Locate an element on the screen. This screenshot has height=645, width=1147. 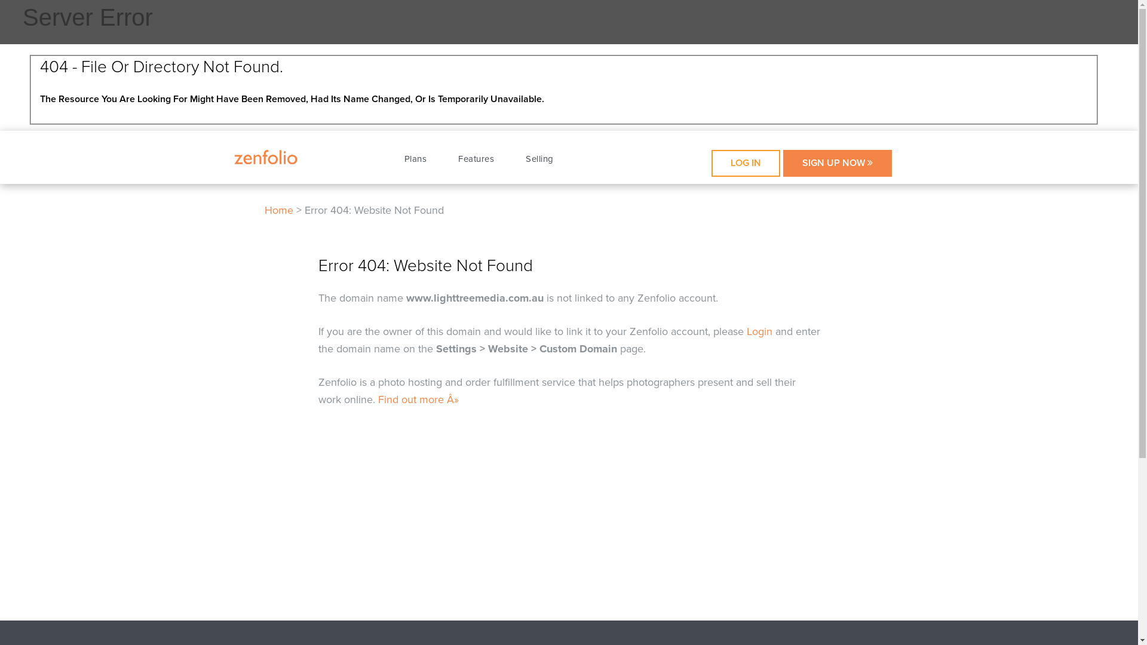
'Features' is located at coordinates (475, 158).